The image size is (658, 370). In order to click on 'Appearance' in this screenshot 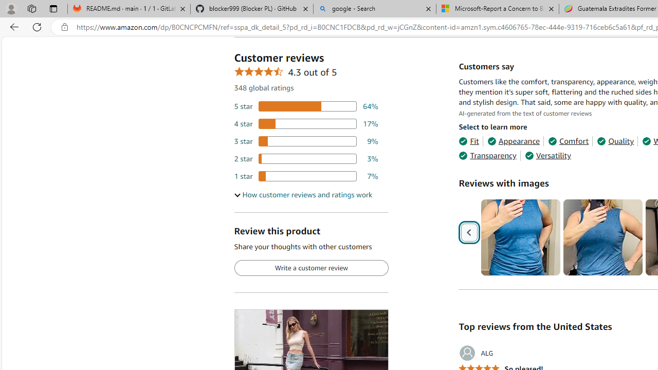, I will do `click(514, 141)`.